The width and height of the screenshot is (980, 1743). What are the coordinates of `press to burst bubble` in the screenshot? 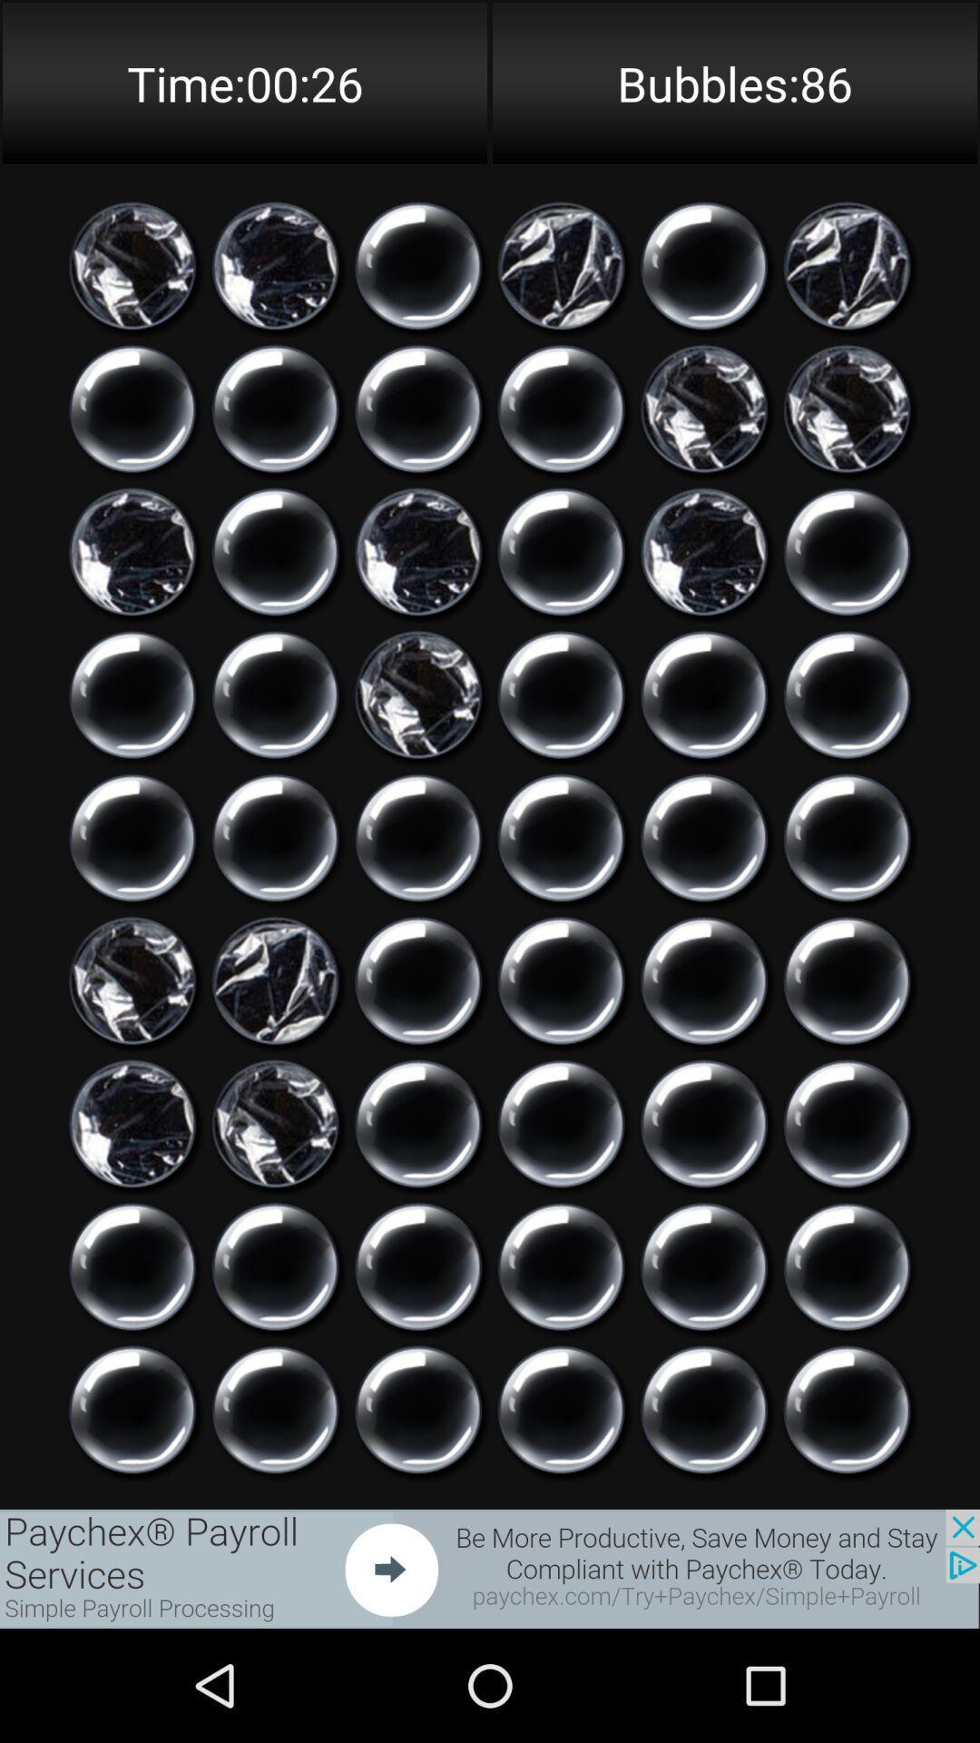 It's located at (703, 1123).